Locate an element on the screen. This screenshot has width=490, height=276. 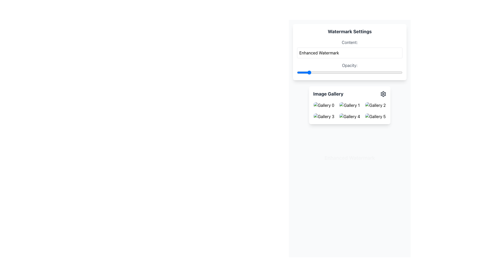
the image in the 'Image Gallery' located in the second row, second column is located at coordinates (375, 105).